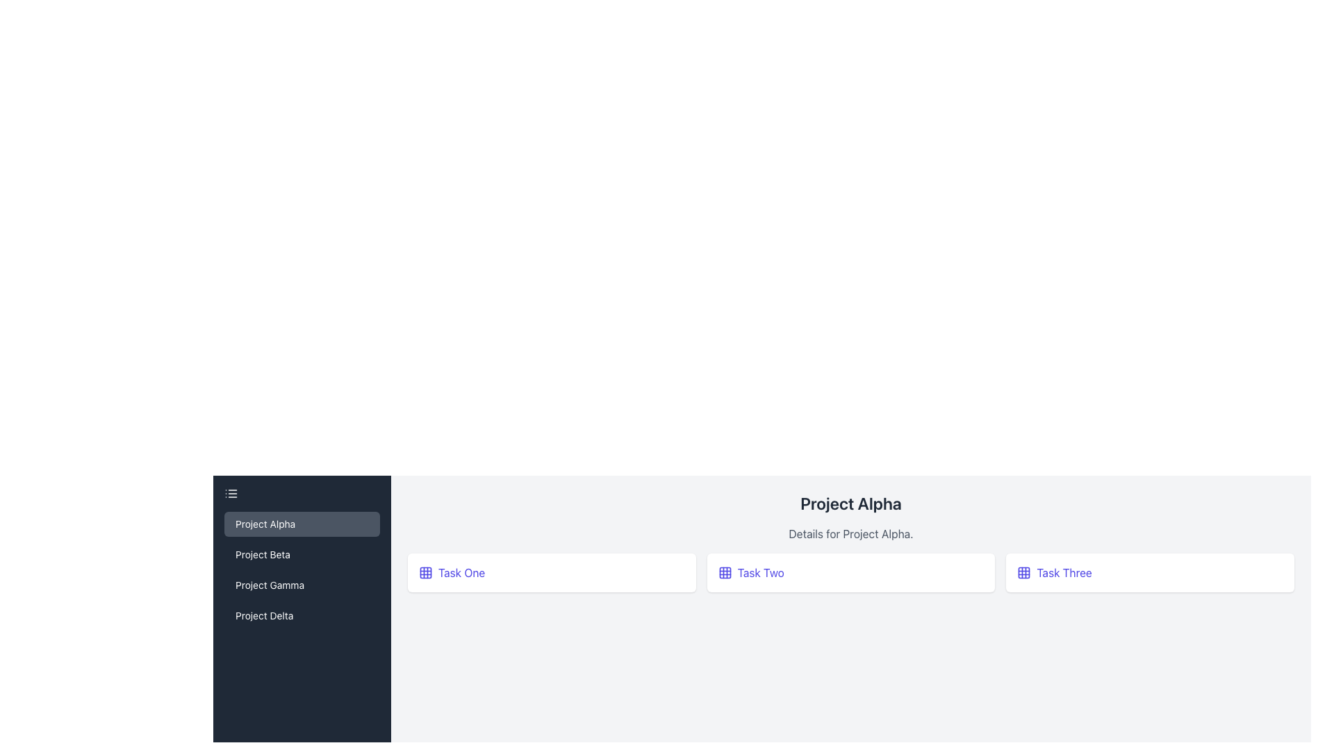  I want to click on the static text element displaying 'Details for Project Alpha.' which is positioned below the heading 'Project Alpha' and above the task grid, so click(850, 533).